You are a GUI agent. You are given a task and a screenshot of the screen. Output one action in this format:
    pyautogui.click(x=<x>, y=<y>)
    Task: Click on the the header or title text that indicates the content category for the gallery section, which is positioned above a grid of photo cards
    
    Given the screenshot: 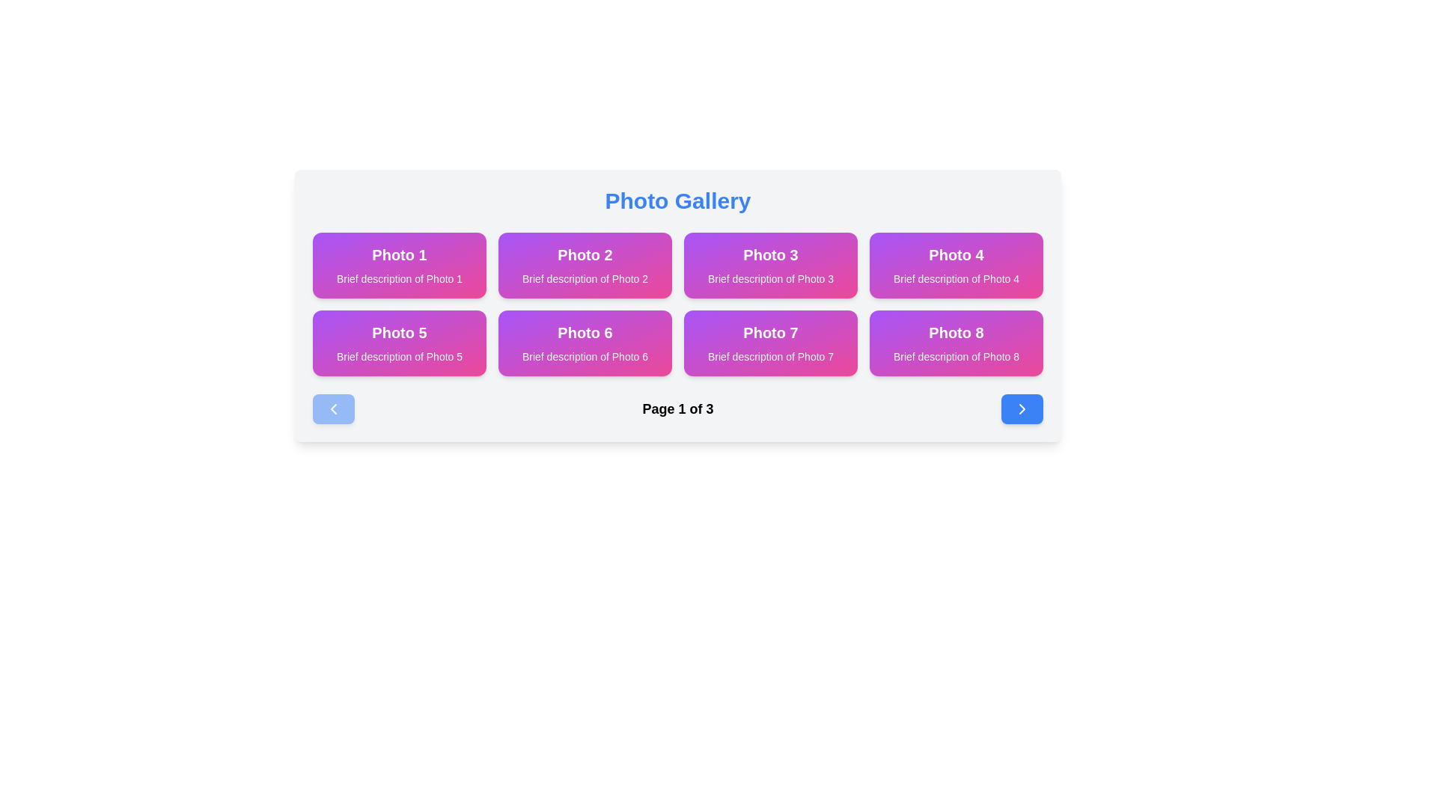 What is the action you would take?
    pyautogui.click(x=677, y=201)
    